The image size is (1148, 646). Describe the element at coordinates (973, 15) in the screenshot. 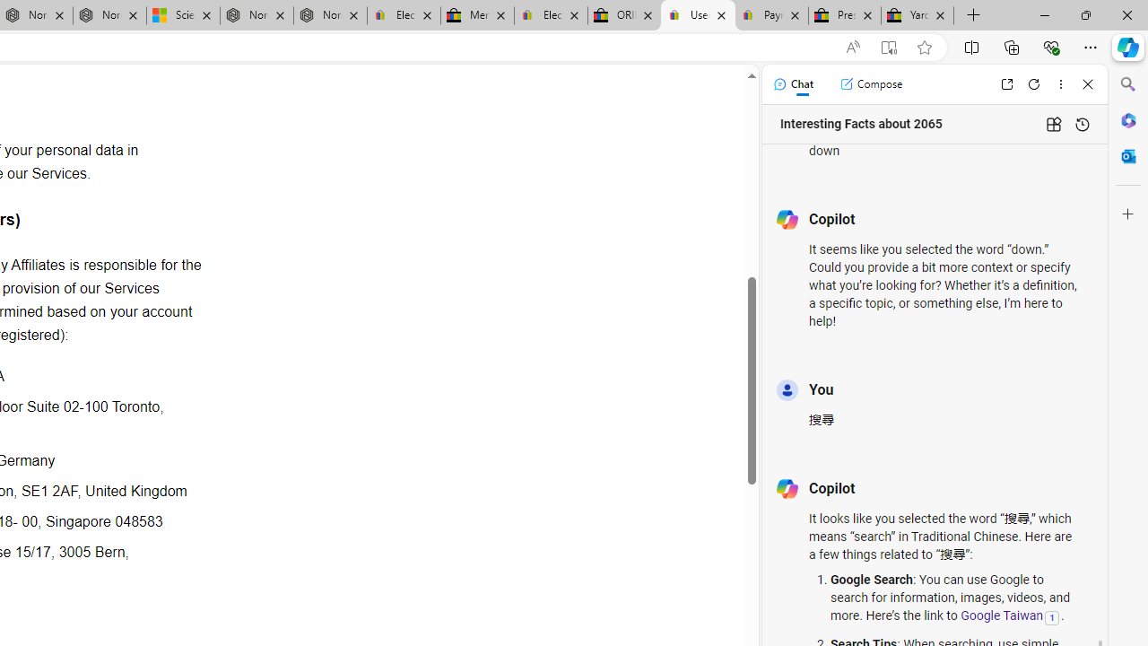

I see `'New Tab'` at that location.